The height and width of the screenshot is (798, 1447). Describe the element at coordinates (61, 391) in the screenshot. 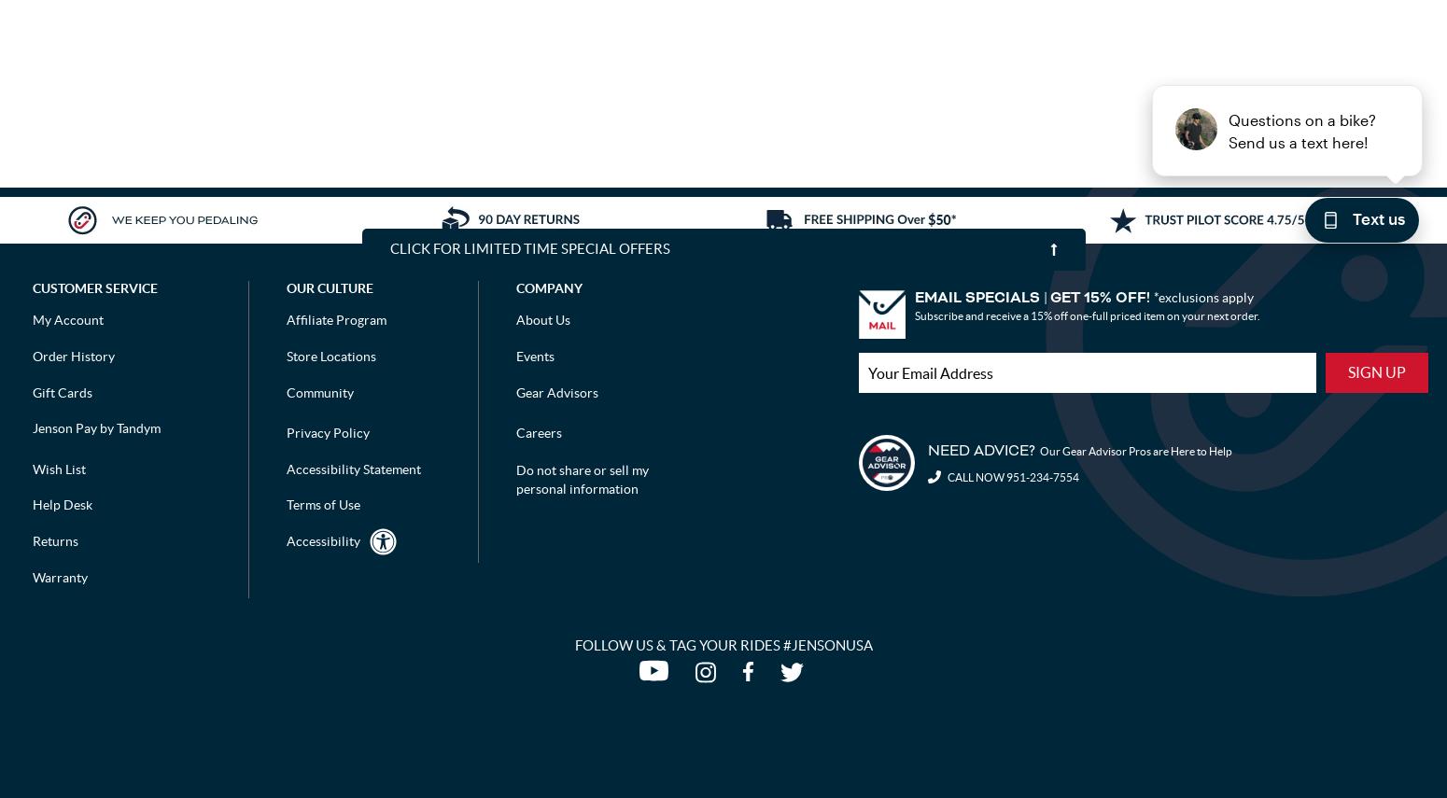

I see `'Gift Cards'` at that location.